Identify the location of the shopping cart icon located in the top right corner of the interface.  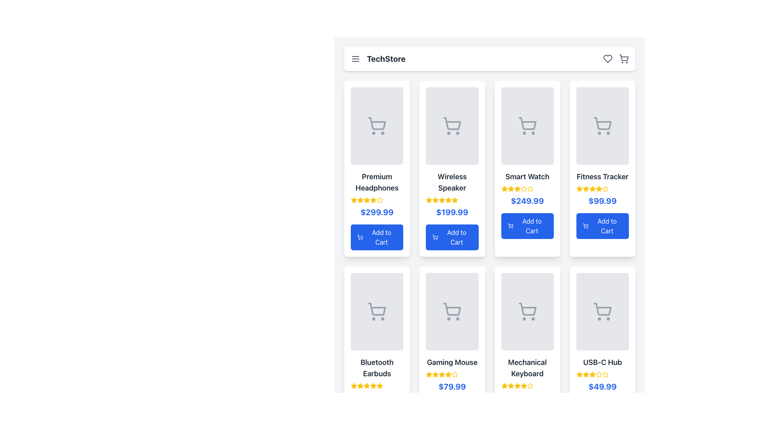
(623, 57).